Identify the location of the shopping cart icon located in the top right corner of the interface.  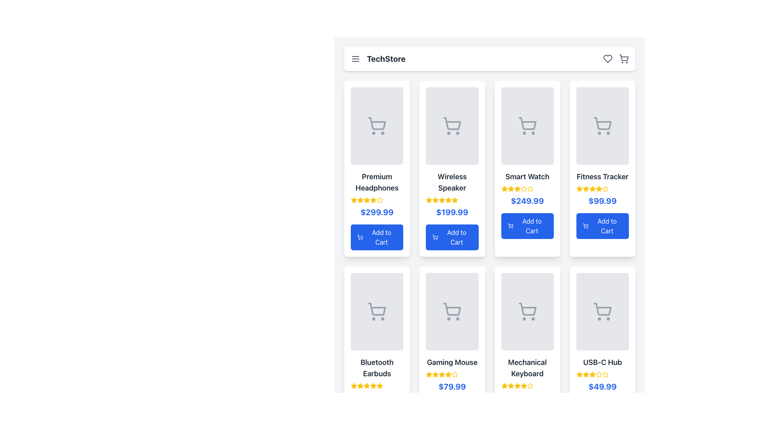
(623, 57).